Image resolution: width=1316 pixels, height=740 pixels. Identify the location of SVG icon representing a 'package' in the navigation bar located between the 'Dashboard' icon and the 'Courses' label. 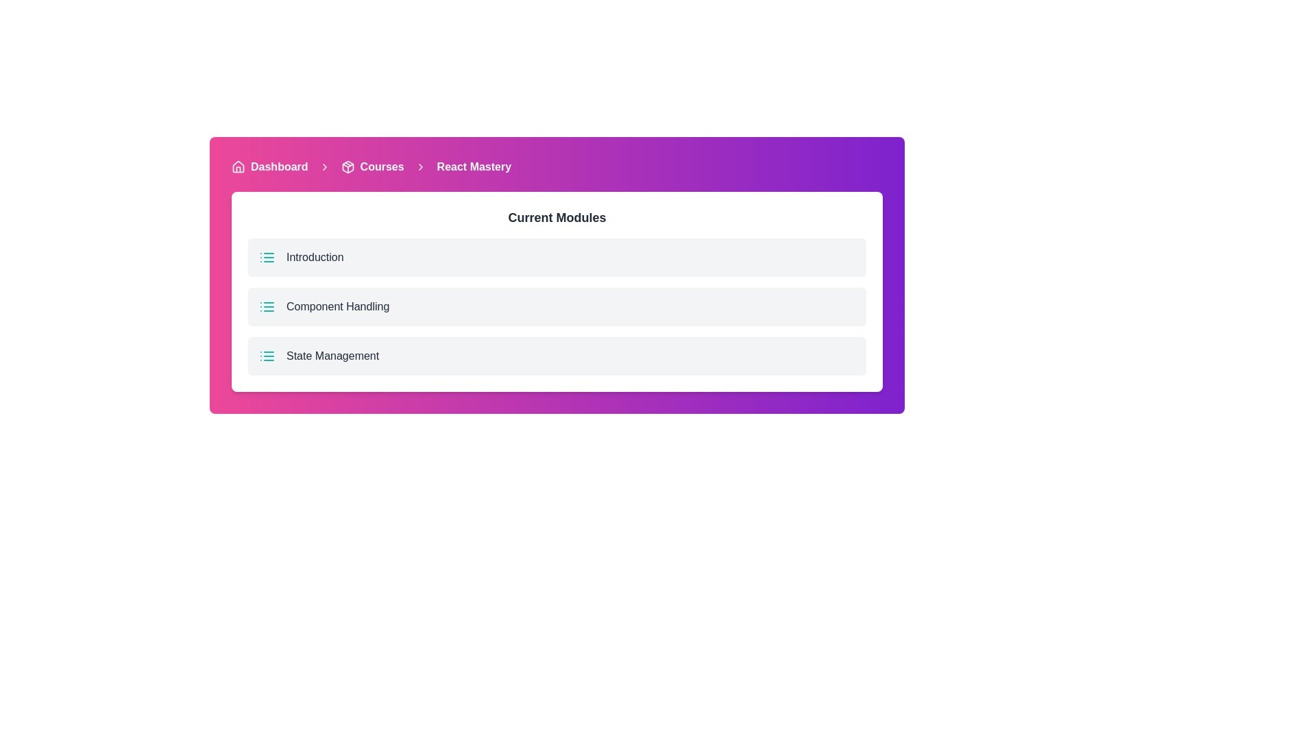
(348, 166).